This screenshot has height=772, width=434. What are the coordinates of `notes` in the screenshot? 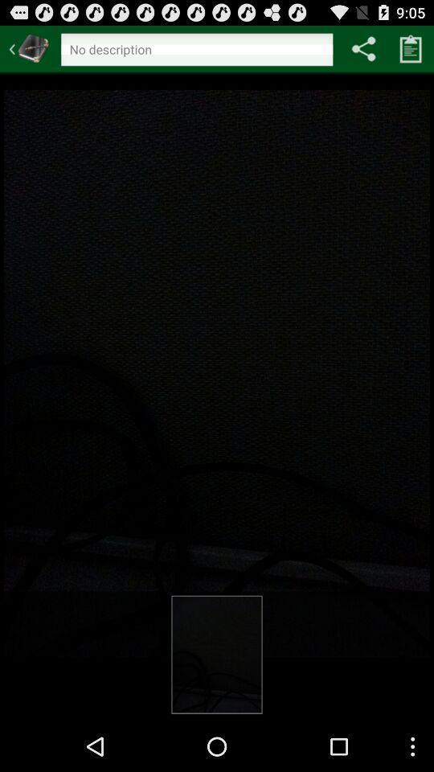 It's located at (411, 47).